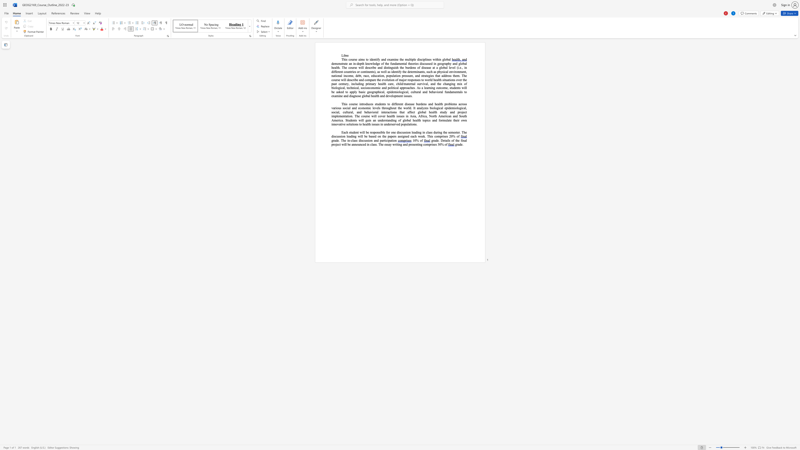 This screenshot has width=800, height=450. Describe the element at coordinates (436, 120) in the screenshot. I see `the 17th character "d" in the text` at that location.